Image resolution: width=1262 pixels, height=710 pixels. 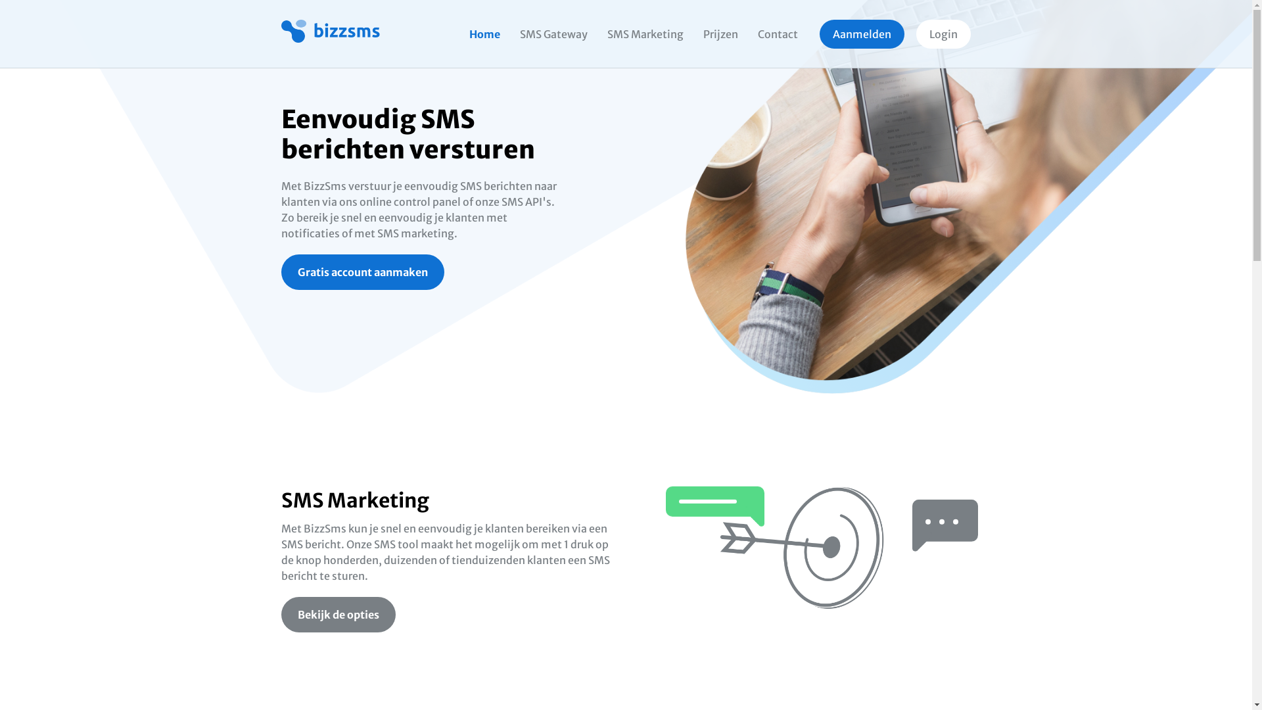 What do you see at coordinates (363, 271) in the screenshot?
I see `'Gratis account aanmaken'` at bounding box center [363, 271].